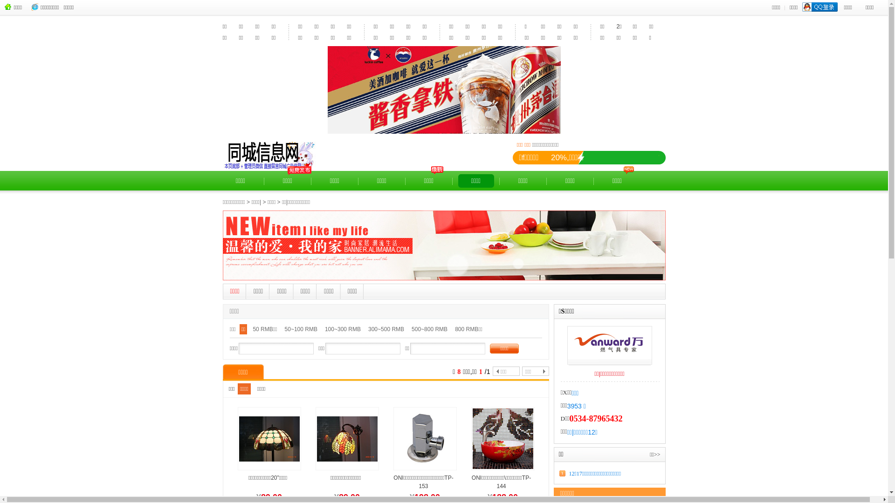  Describe the element at coordinates (386, 343) in the screenshot. I see `'300~500 RMB'` at that location.